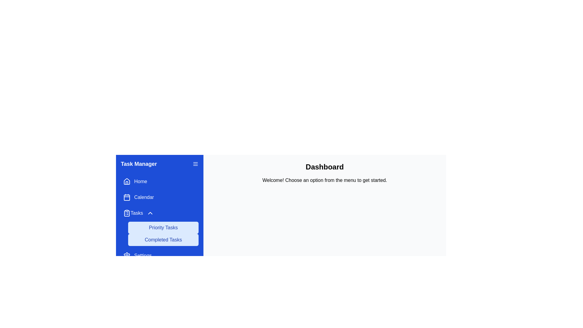 The height and width of the screenshot is (328, 583). What do you see at coordinates (138, 213) in the screenshot?
I see `the 'Tasks' collapsible sidebar menu item` at bounding box center [138, 213].